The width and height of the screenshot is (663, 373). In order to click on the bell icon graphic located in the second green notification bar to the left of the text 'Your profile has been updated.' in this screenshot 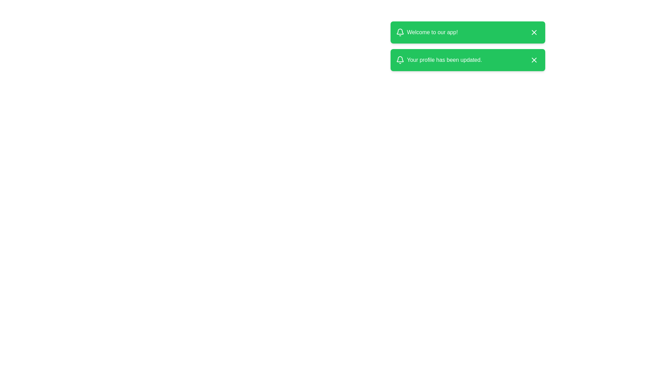, I will do `click(400, 31)`.